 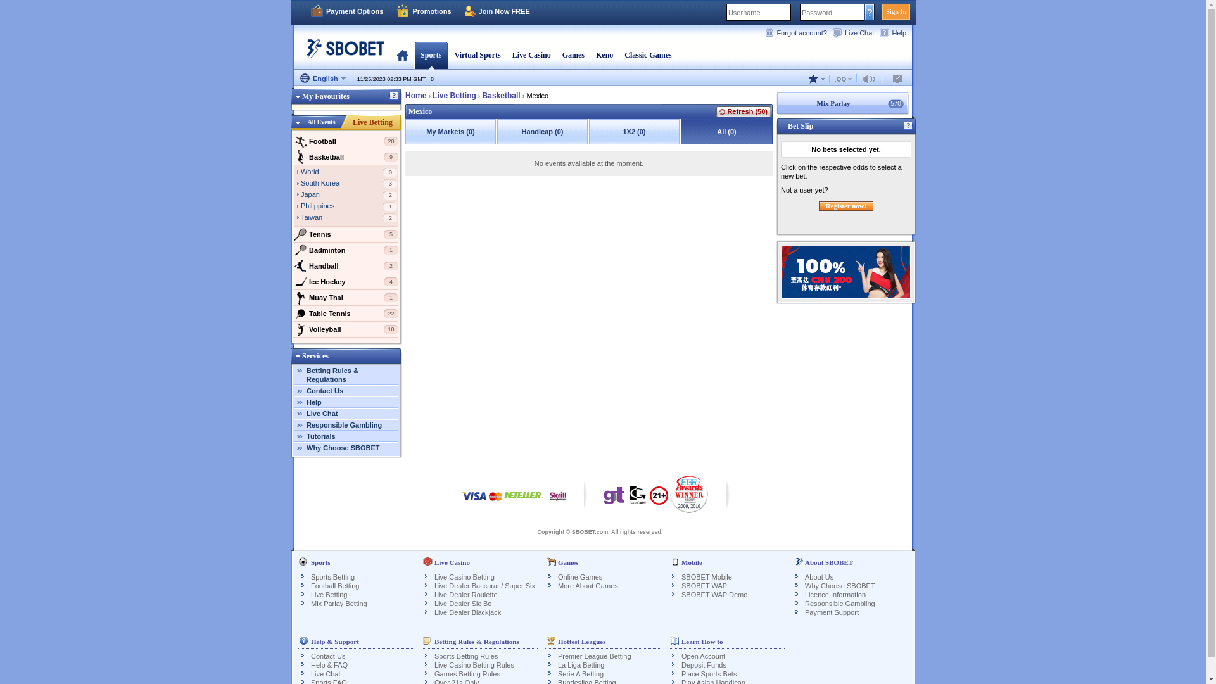 What do you see at coordinates (346, 11) in the screenshot?
I see `'Payment Options'` at bounding box center [346, 11].